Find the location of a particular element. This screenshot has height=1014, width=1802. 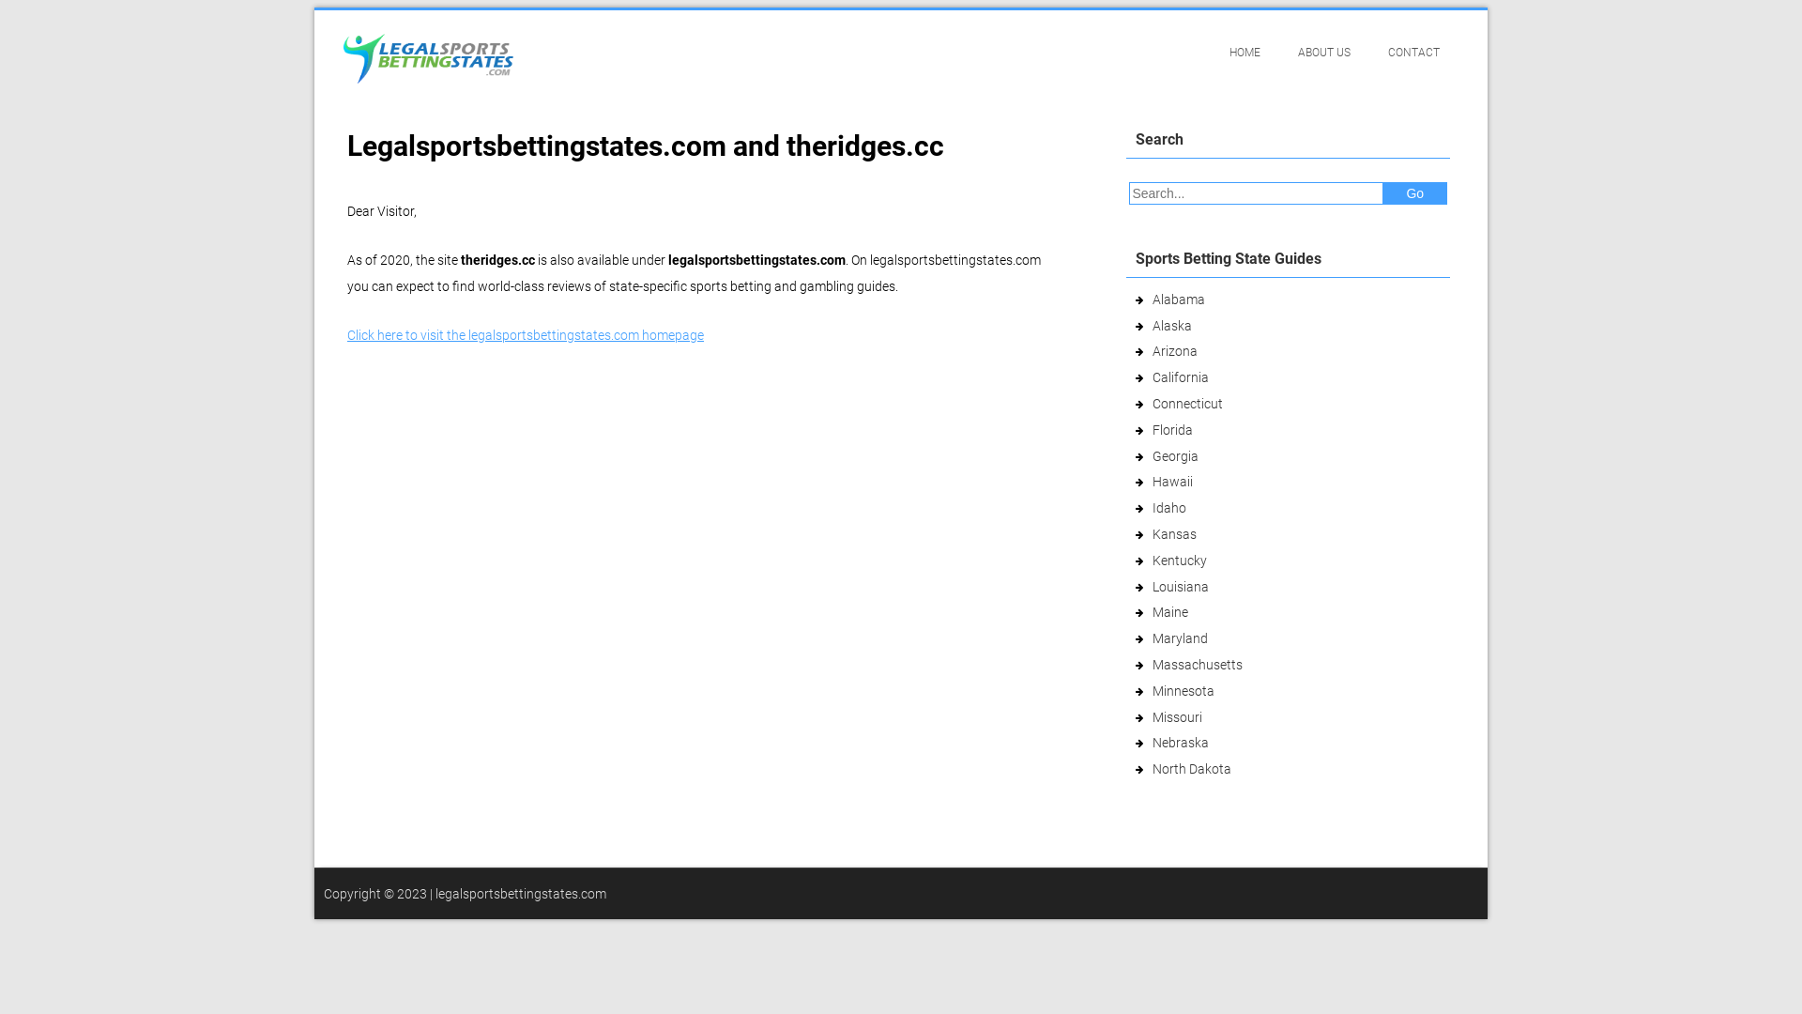

'Missouri' is located at coordinates (1176, 716).